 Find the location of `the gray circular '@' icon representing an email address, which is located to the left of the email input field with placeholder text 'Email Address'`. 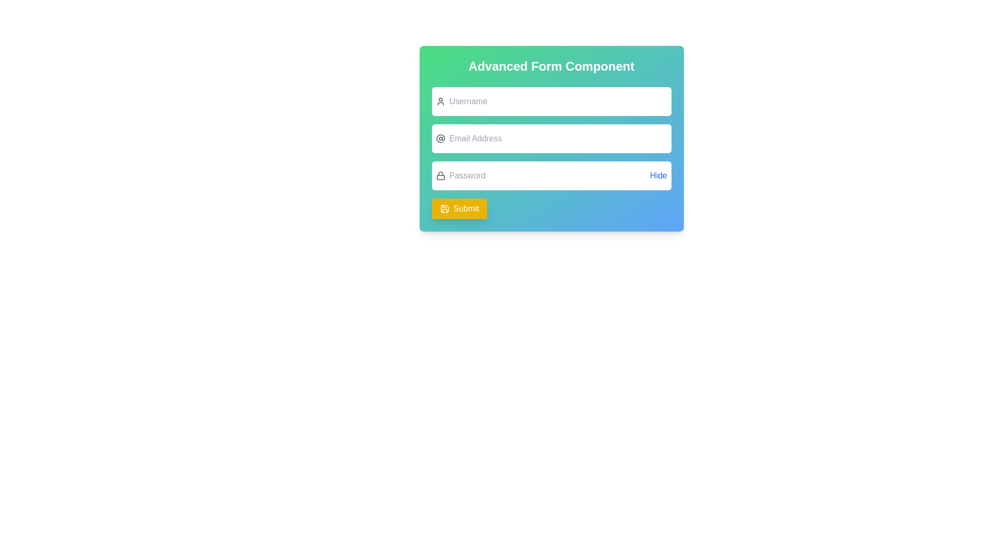

the gray circular '@' icon representing an email address, which is located to the left of the email input field with placeholder text 'Email Address' is located at coordinates (440, 138).